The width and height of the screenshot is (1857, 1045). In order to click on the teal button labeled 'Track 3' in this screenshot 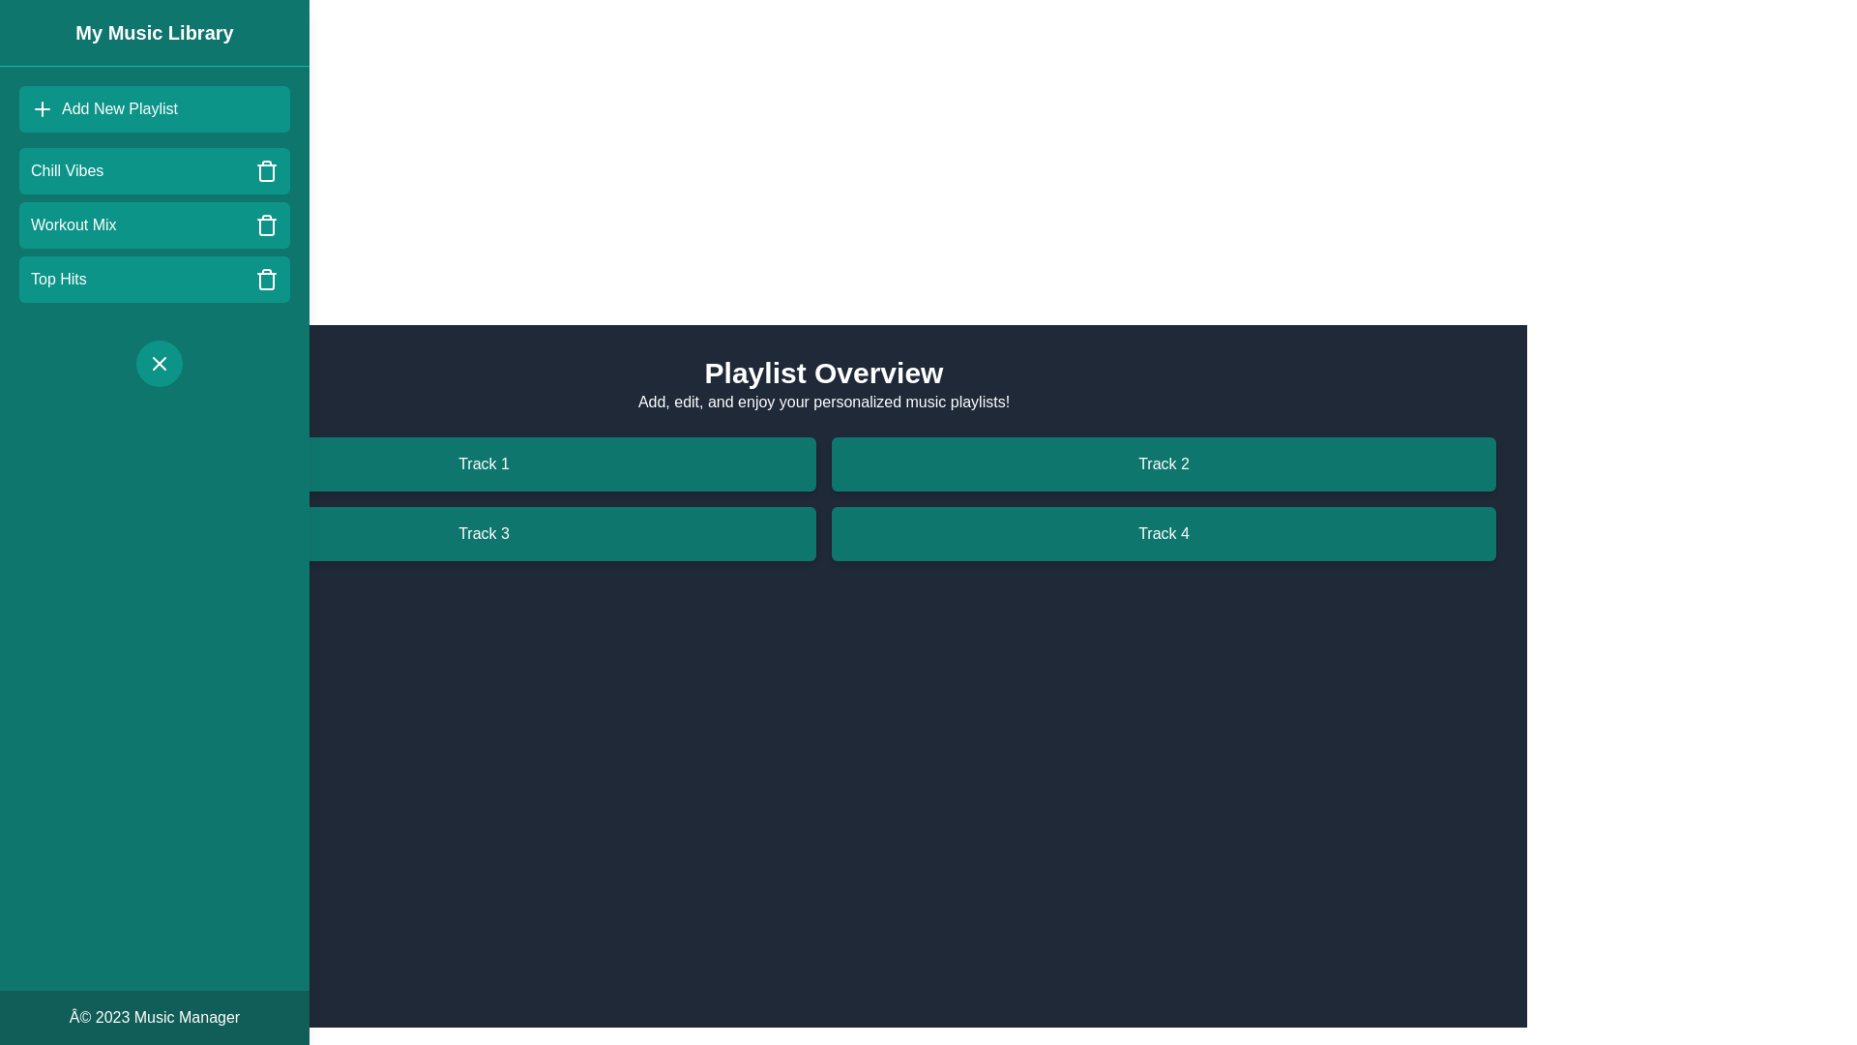, I will do `click(484, 533)`.